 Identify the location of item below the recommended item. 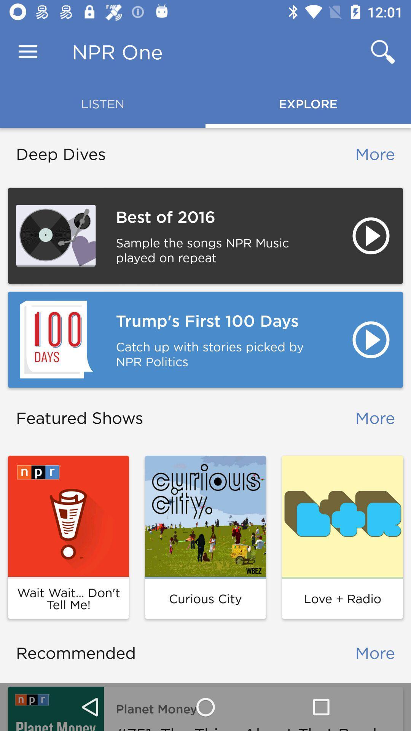
(55, 708).